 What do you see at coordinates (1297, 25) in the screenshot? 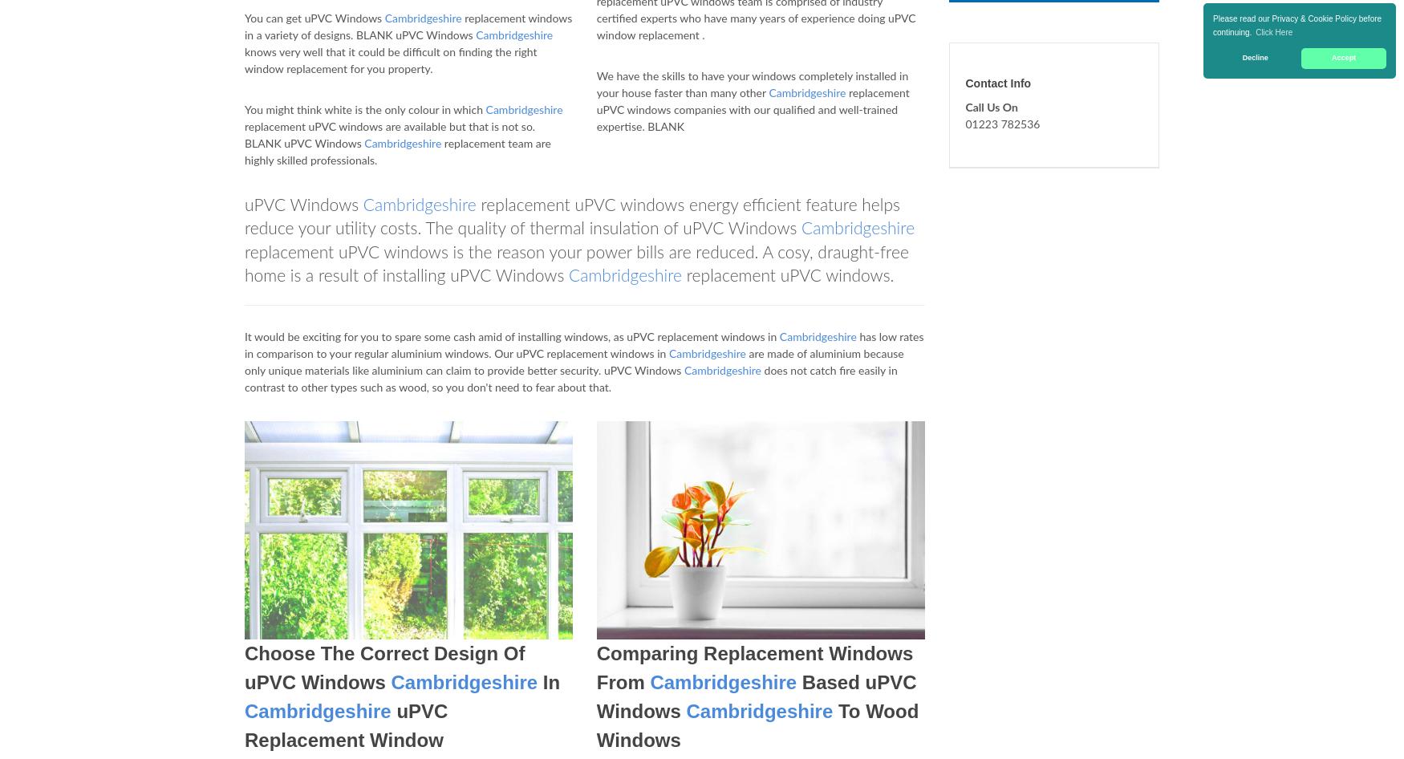
I see `'Please read our Privacy & Cookie Policy before continuing.'` at bounding box center [1297, 25].